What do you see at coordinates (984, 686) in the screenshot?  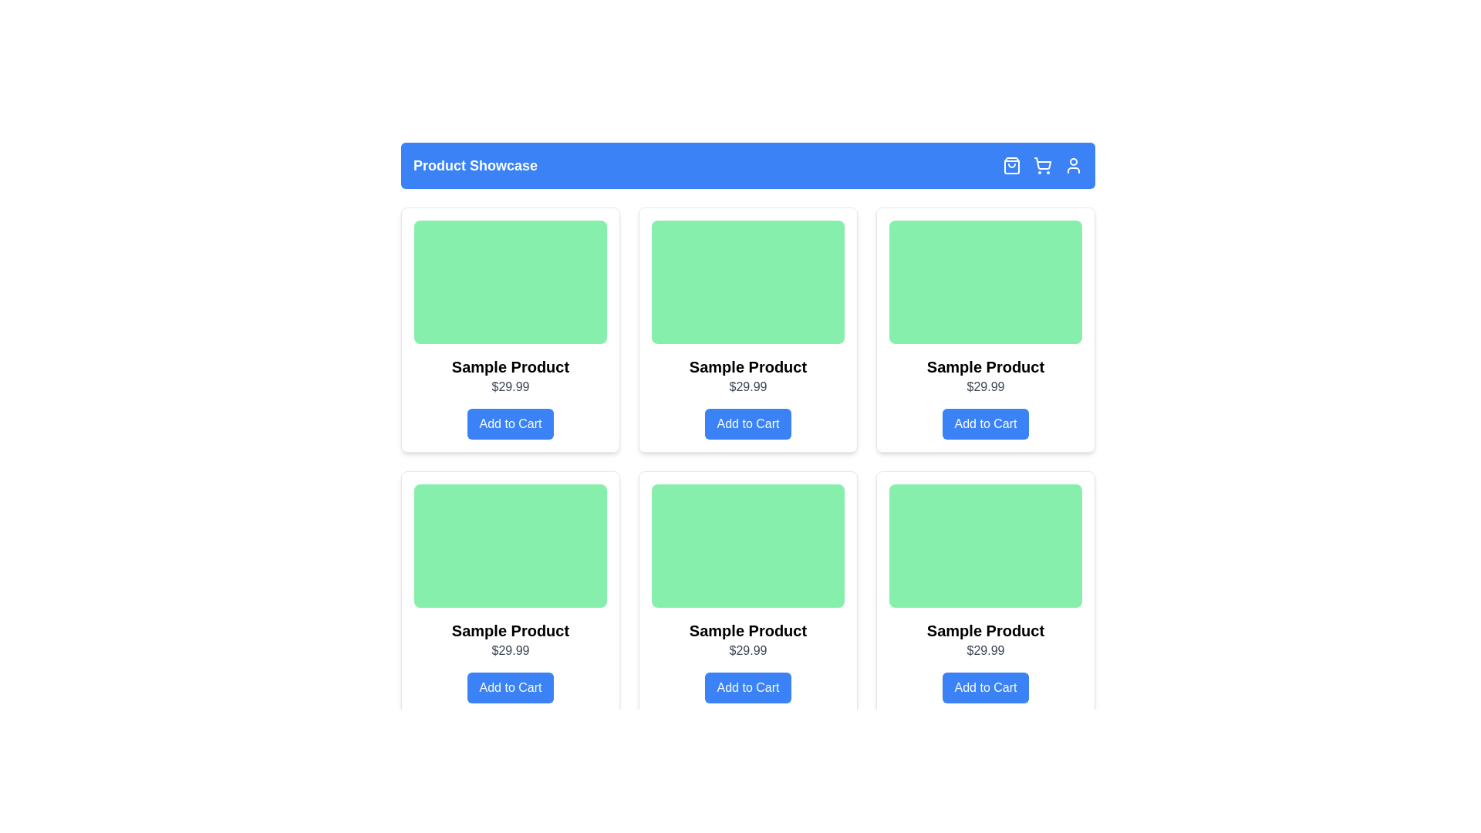 I see `the blue button labeled 'Add to Cart' located at the bottom-right corner of the product card` at bounding box center [984, 686].